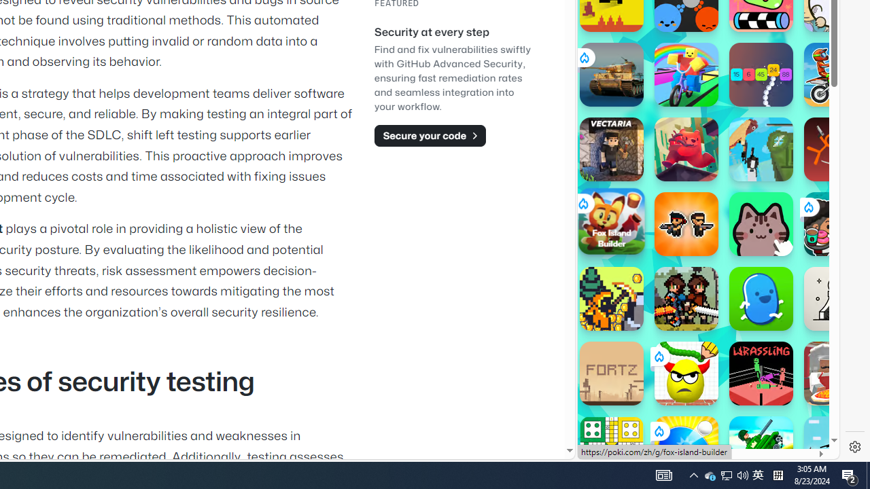  I want to click on 'Rainbow Obby Rainbow Obby', so click(686, 75).